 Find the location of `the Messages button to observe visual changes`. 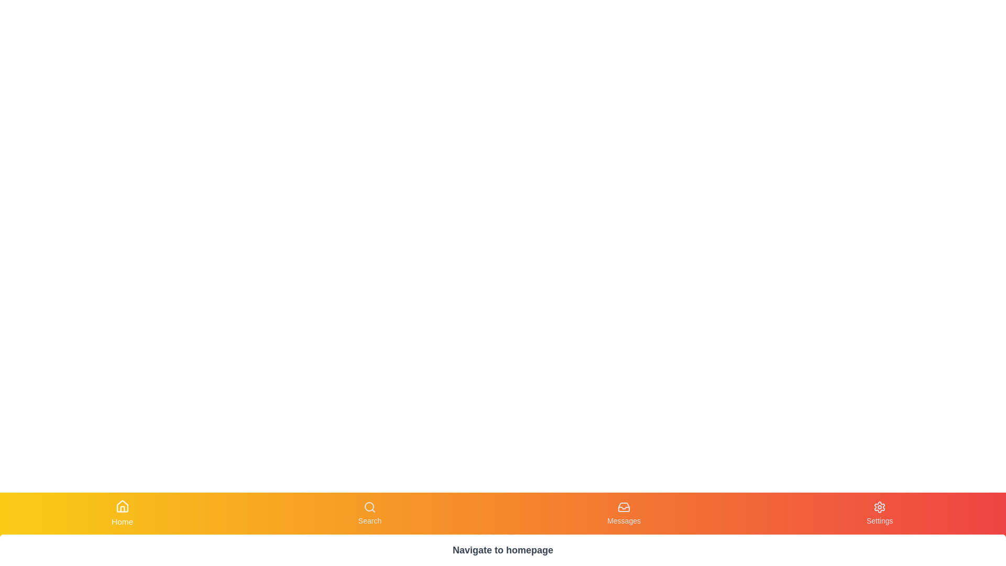

the Messages button to observe visual changes is located at coordinates (624, 513).